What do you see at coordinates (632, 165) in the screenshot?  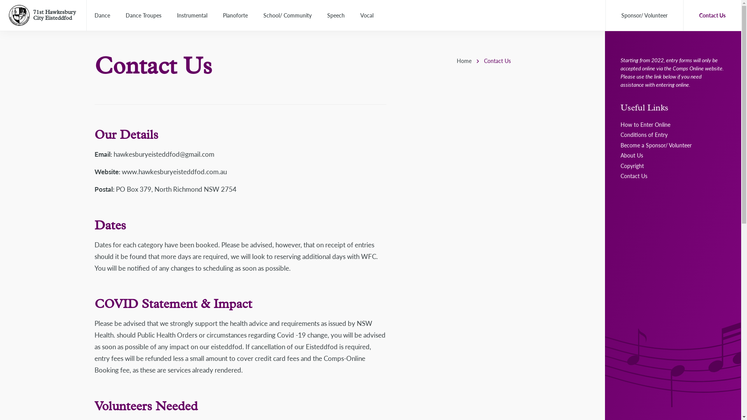 I see `'Copyright'` at bounding box center [632, 165].